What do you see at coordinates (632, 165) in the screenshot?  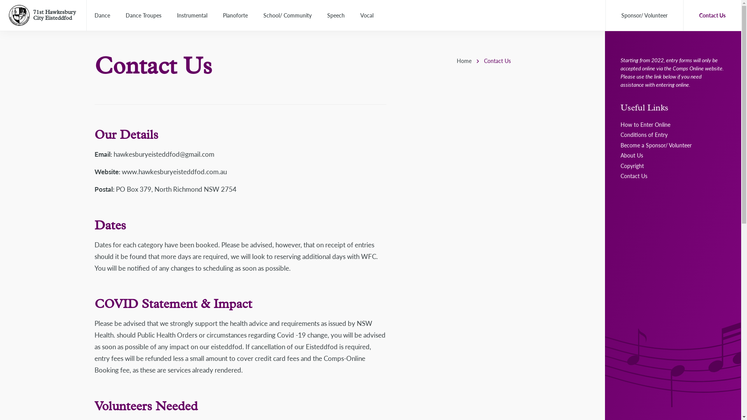 I see `'Copyright'` at bounding box center [632, 165].